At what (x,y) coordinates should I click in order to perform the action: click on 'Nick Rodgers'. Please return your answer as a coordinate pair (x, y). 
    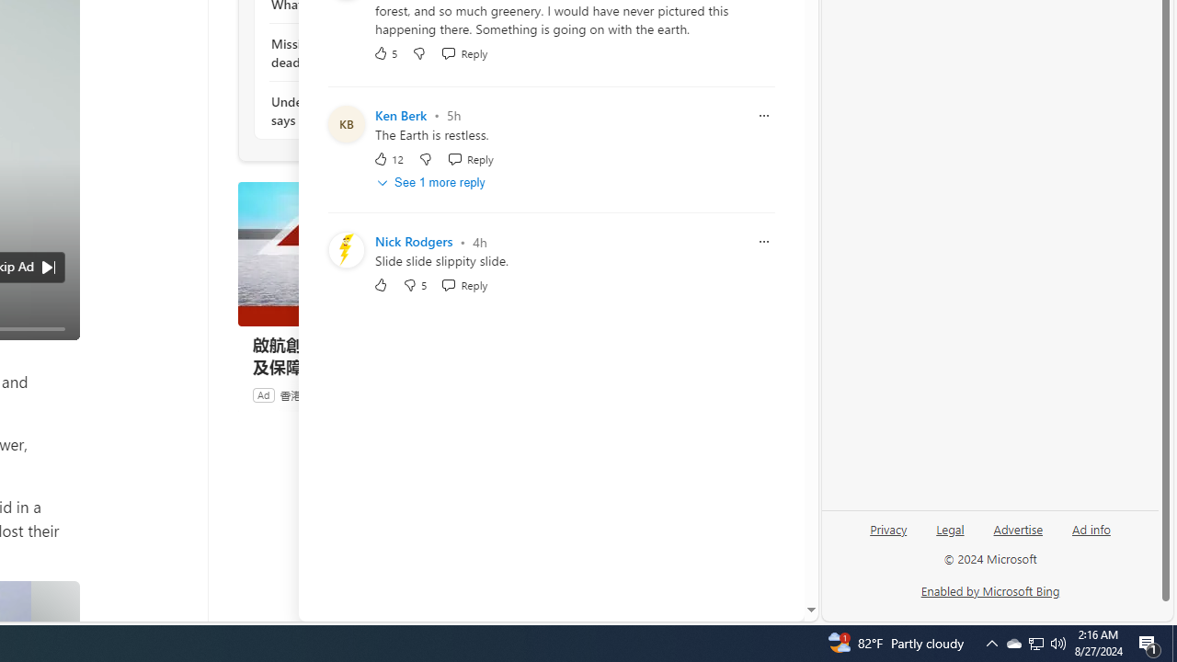
    Looking at the image, I should click on (413, 241).